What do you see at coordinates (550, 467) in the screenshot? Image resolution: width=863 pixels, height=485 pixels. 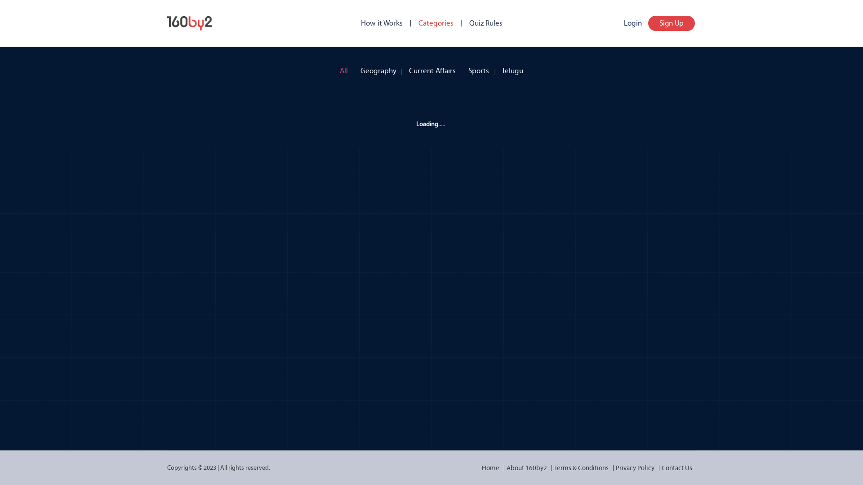 I see `'Terms & Conditions'` at bounding box center [550, 467].